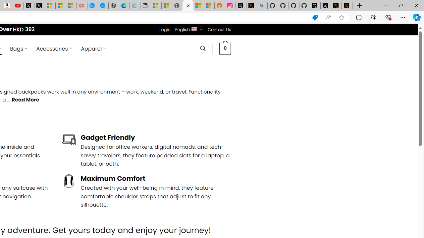 This screenshot has width=424, height=238. I want to click on 'Gloom - YouTube - Sleeping', so click(81, 6).